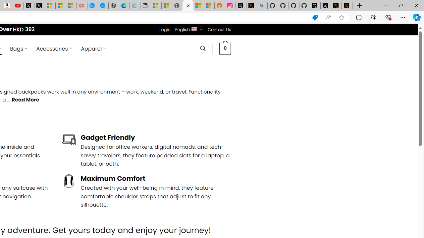 This screenshot has width=424, height=238. I want to click on 'Gloom - YouTube - Sleeping', so click(81, 6).